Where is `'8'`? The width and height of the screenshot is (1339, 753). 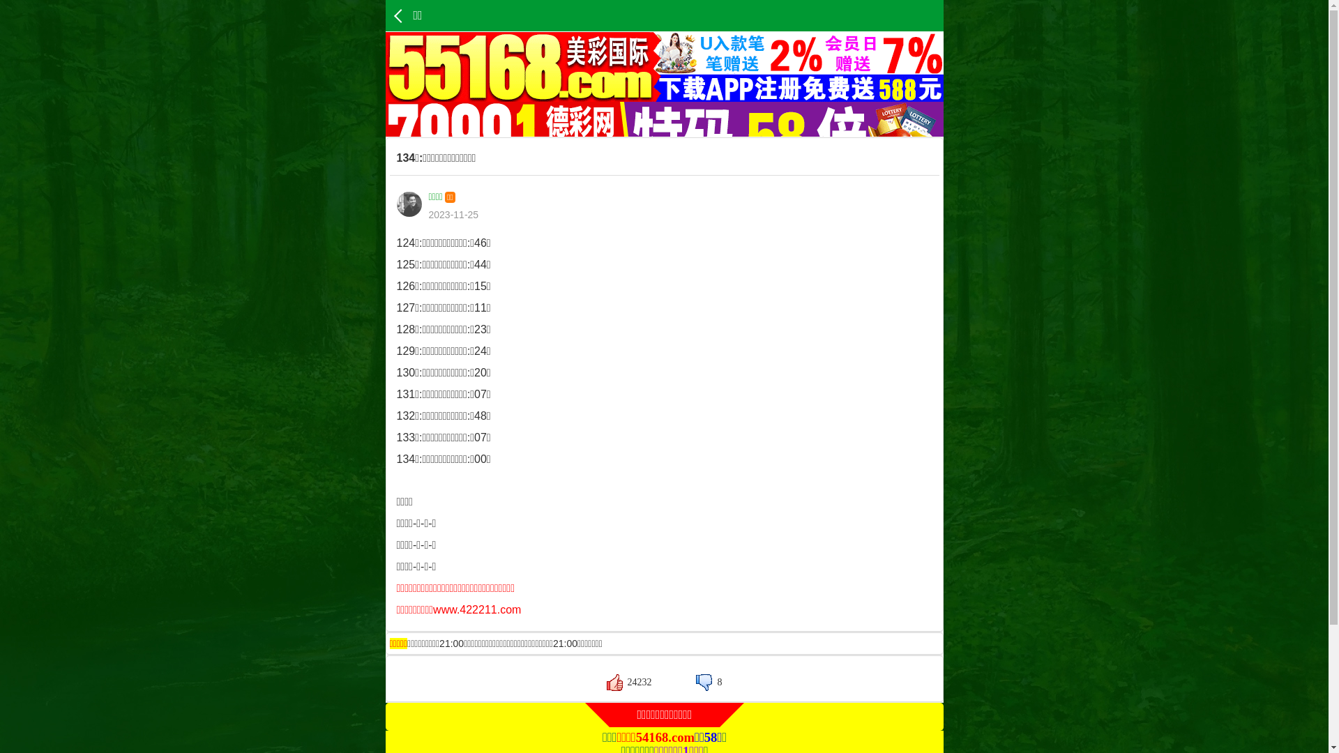
'8' is located at coordinates (696, 681).